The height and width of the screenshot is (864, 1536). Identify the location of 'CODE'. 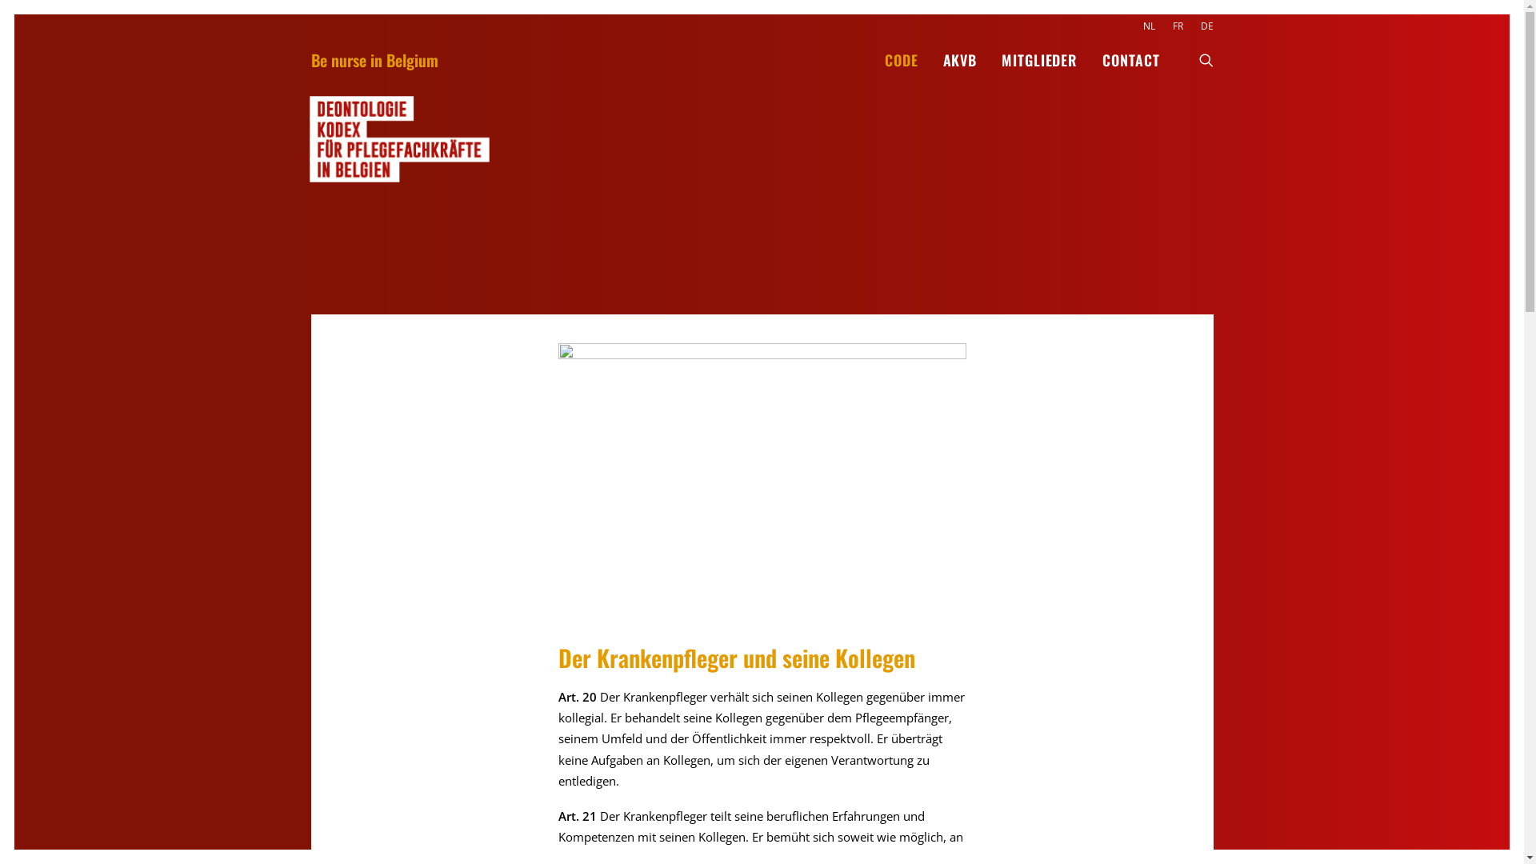
(902, 58).